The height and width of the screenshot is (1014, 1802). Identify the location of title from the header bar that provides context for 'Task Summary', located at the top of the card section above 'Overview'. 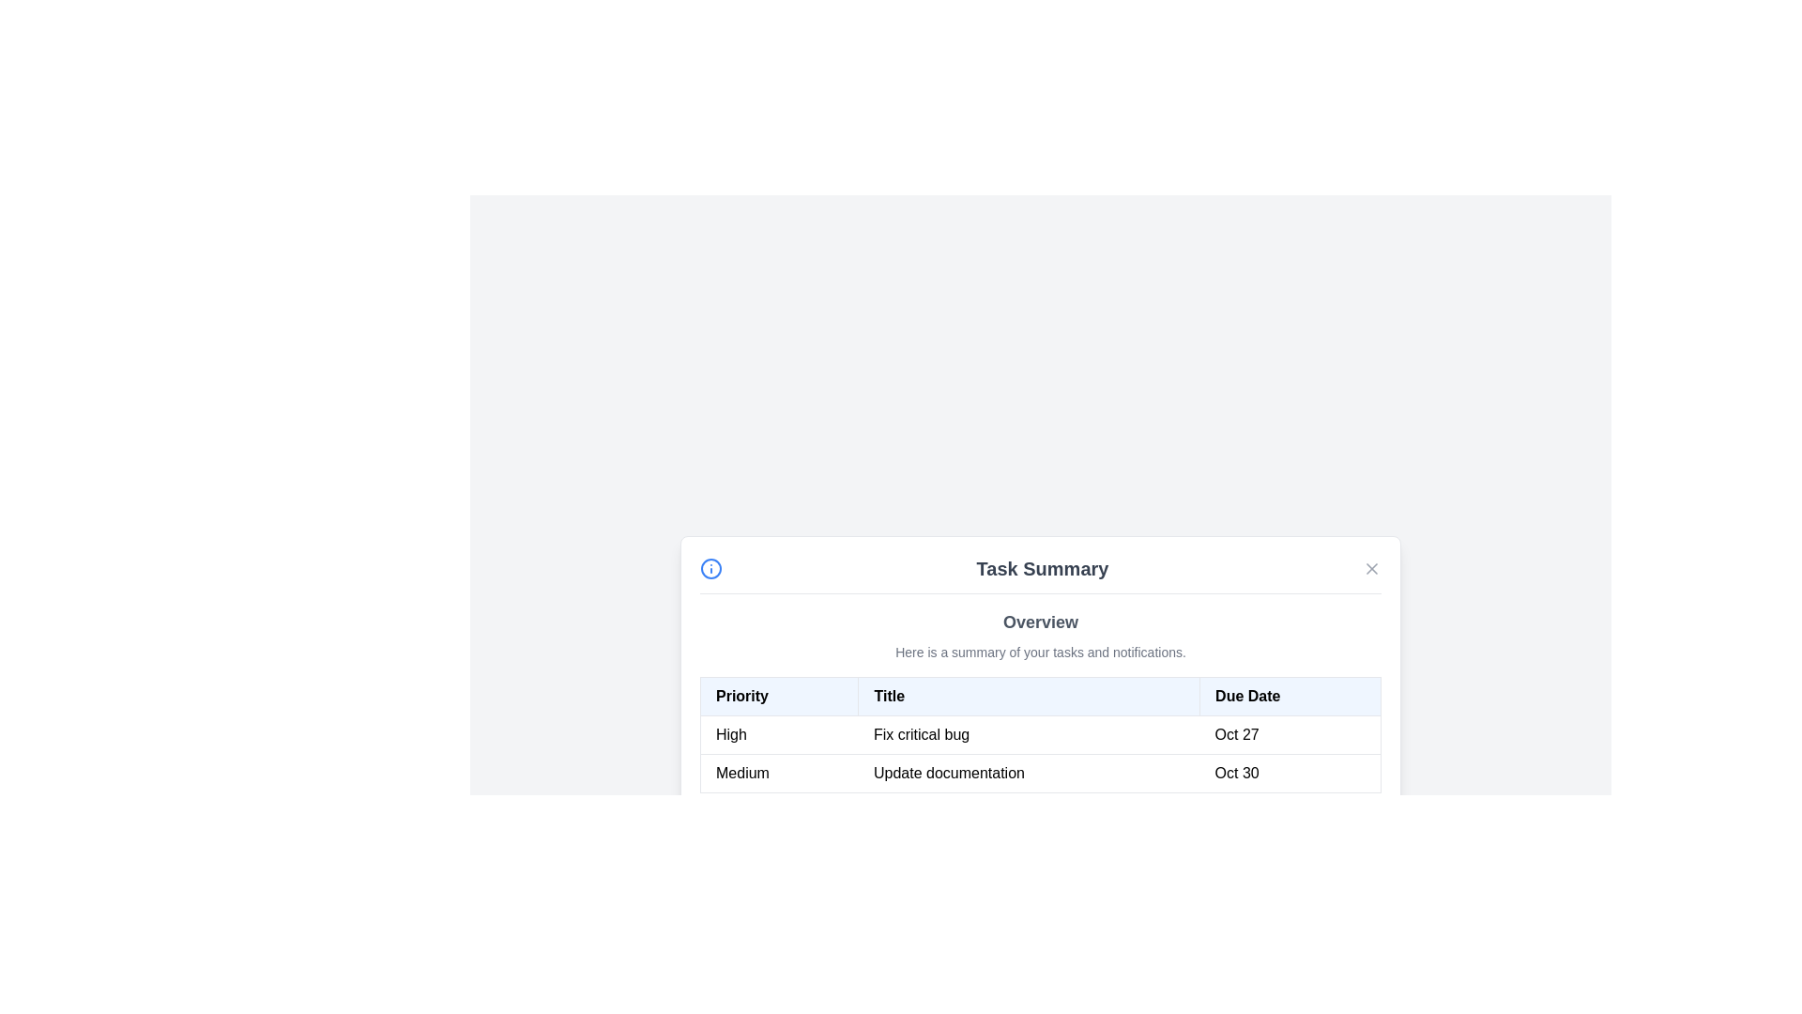
(1039, 574).